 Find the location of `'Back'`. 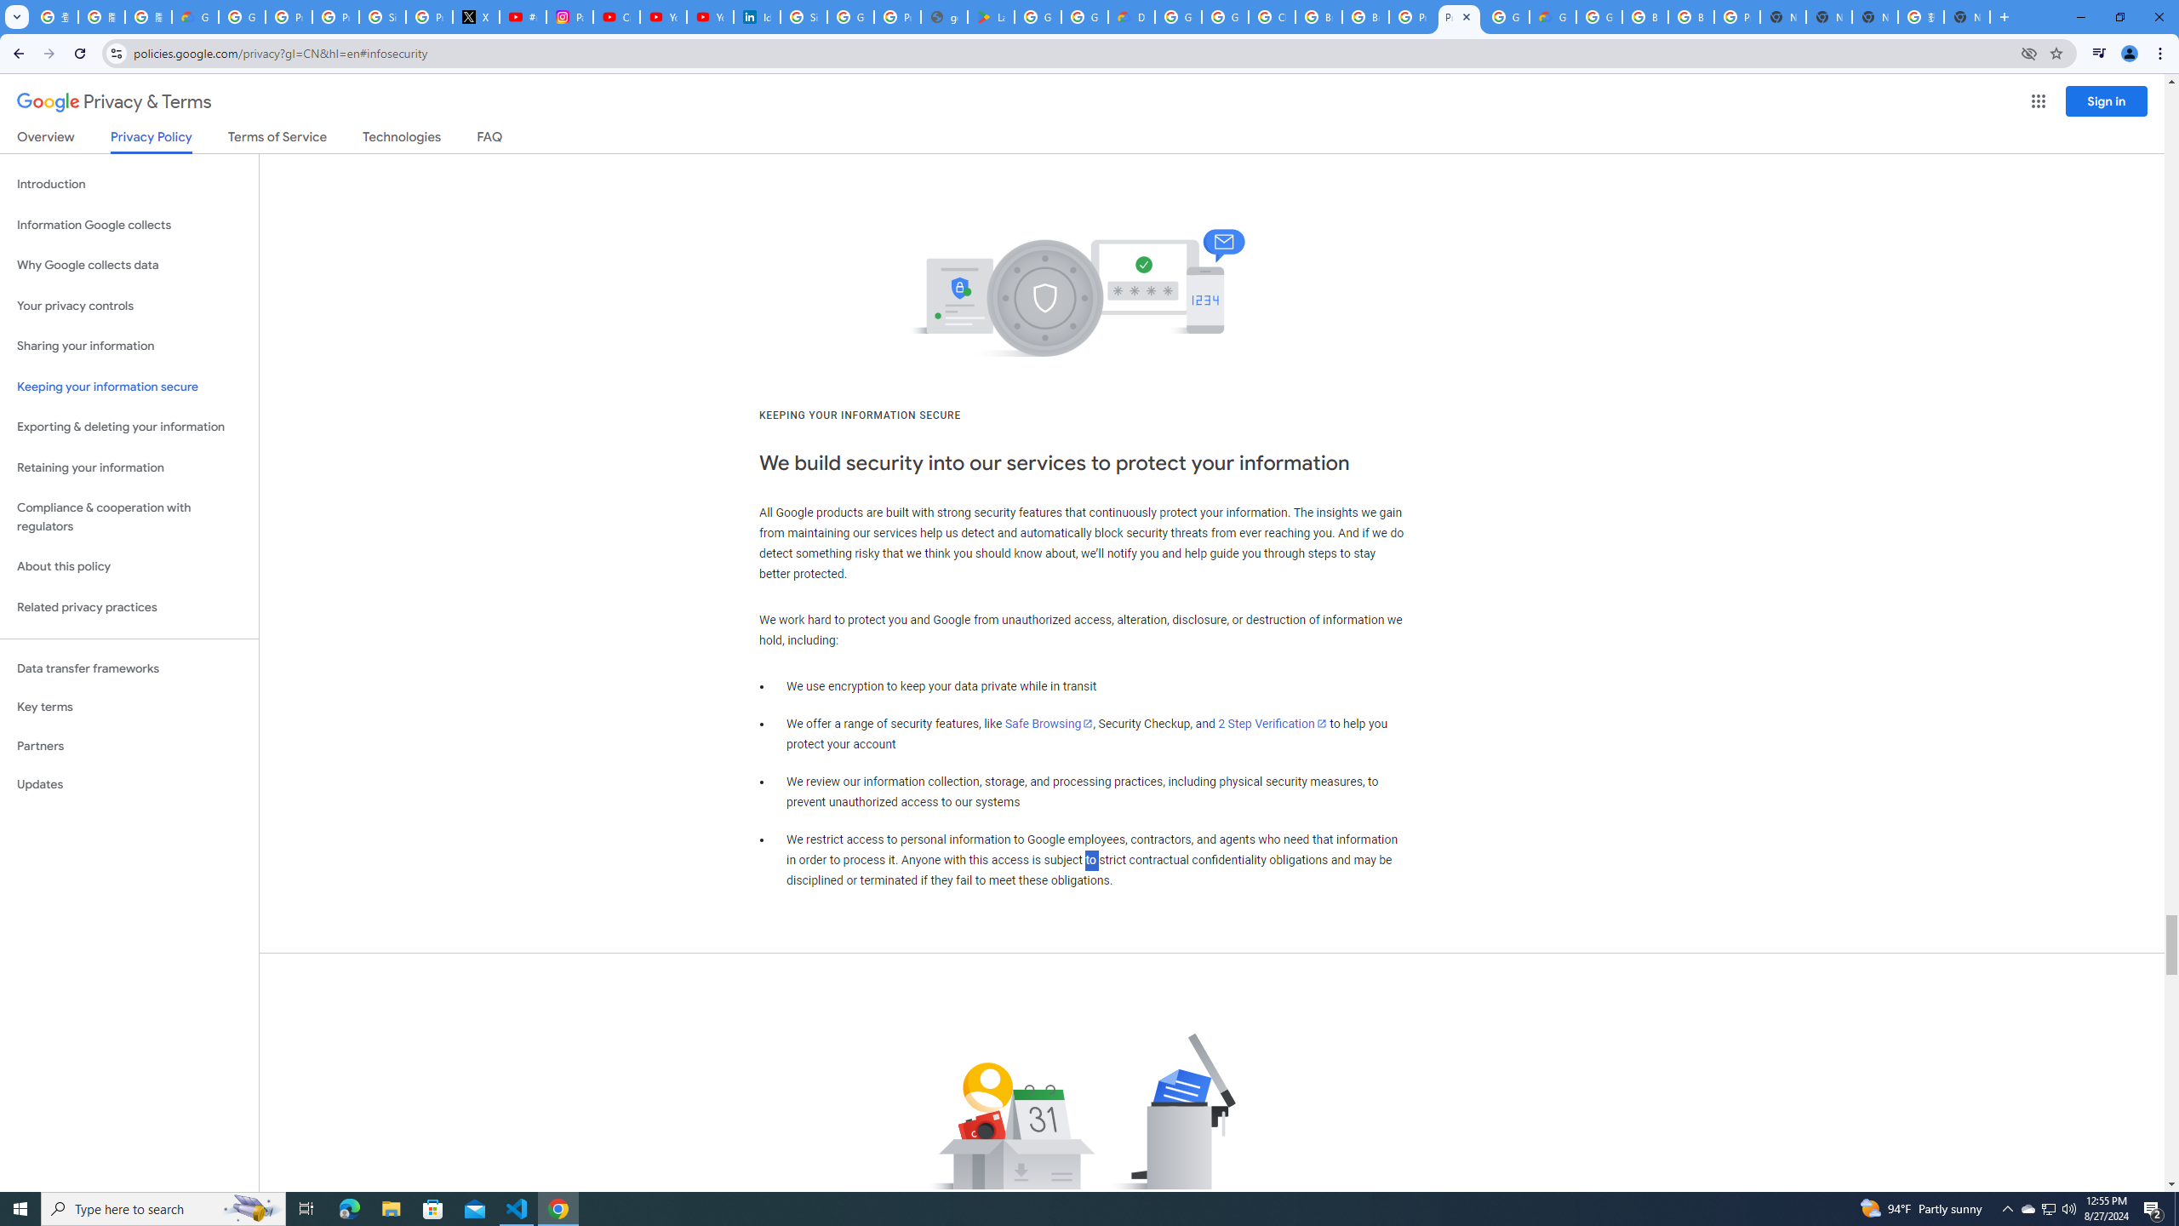

'Back' is located at coordinates (16, 53).